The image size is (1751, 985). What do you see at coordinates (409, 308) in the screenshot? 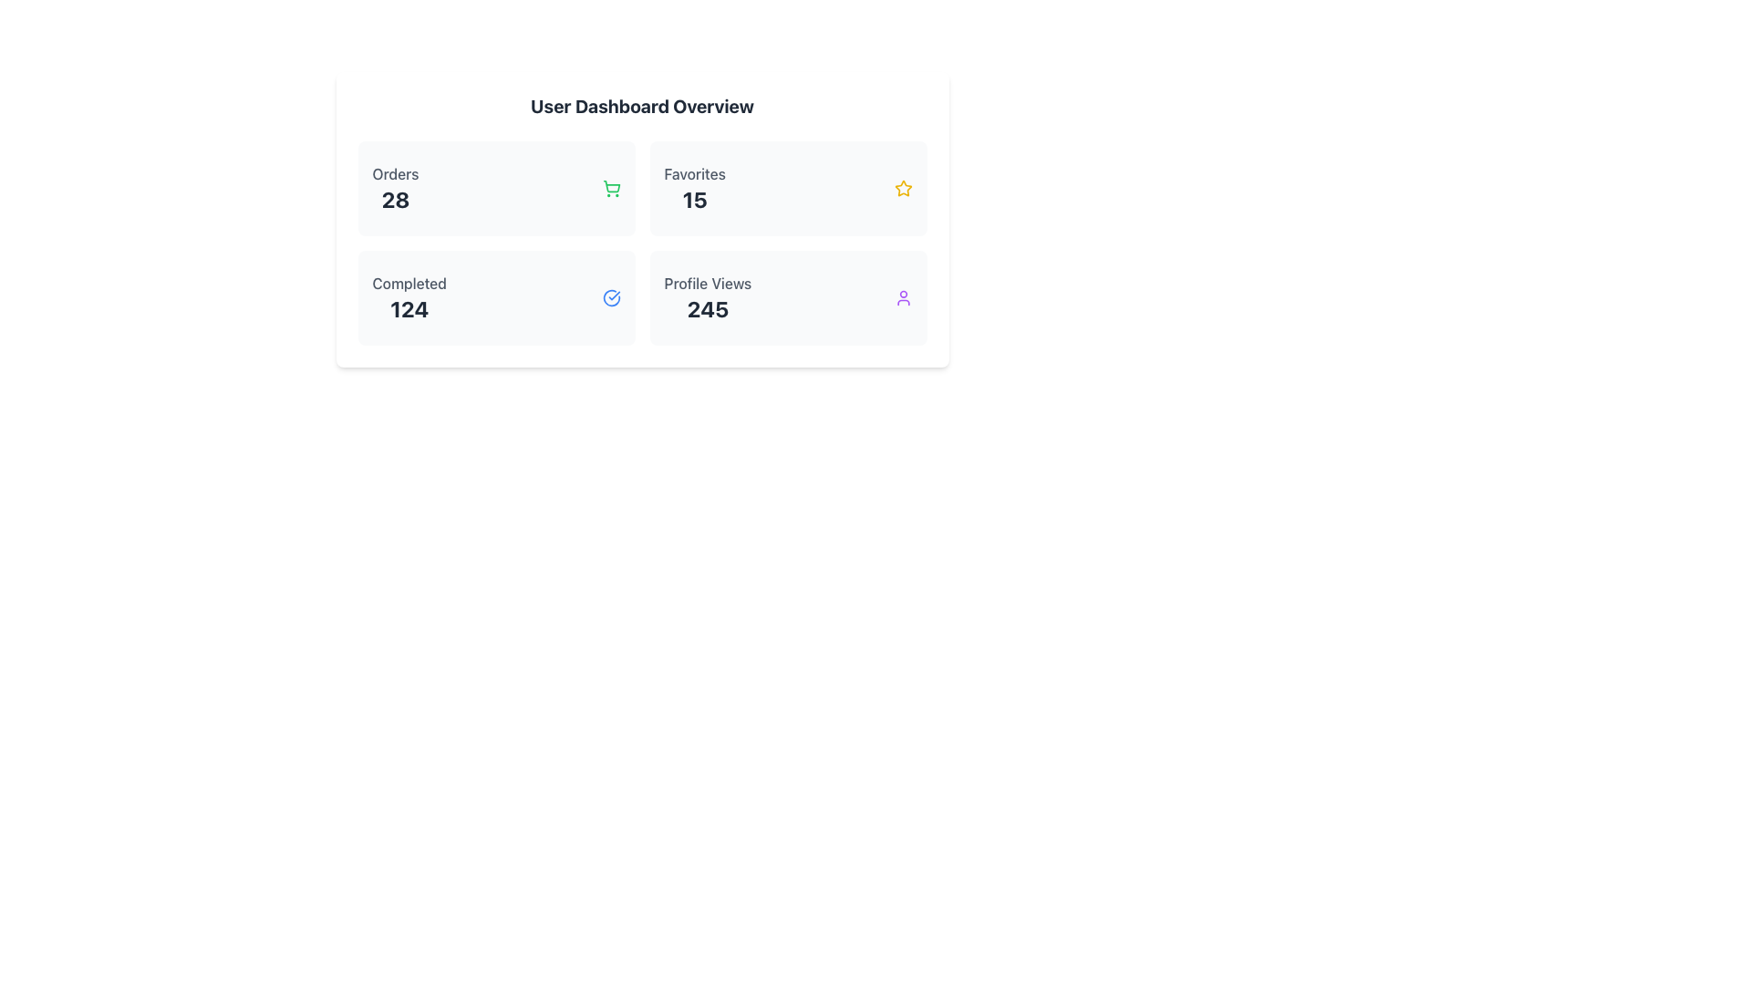
I see `the static text displaying the numerical value '124' under the label 'Completed' in the 'User Dashboard Overview' card` at bounding box center [409, 308].